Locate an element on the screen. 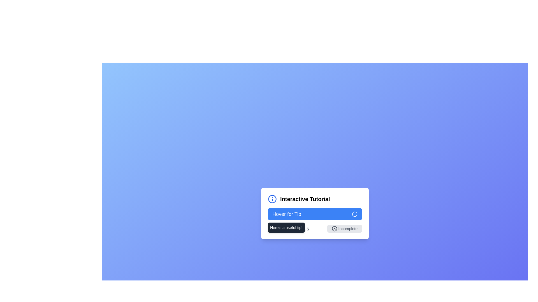  the 'Incomplete' button located at the bottom of the 'Interactive Tutorial' card to initiate further actions is located at coordinates (315, 228).